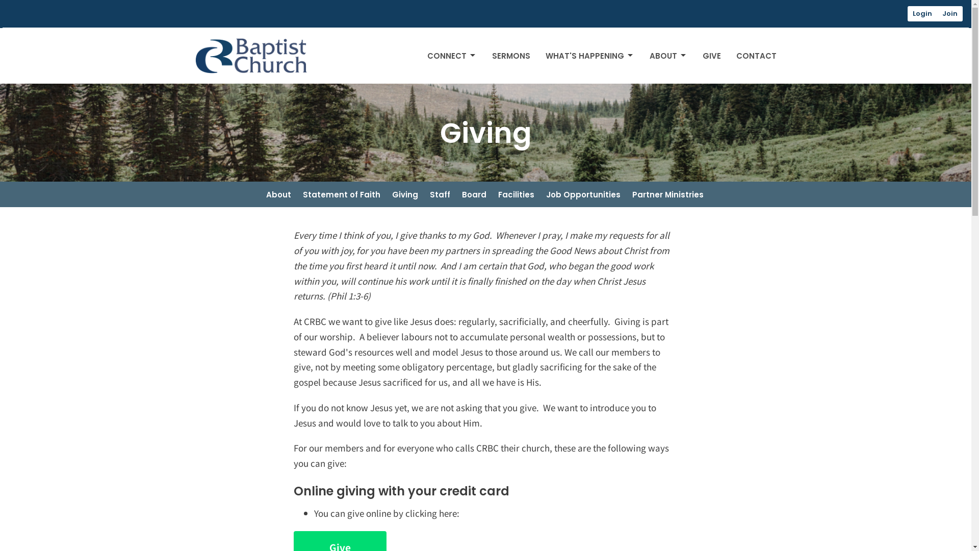 This screenshot has width=979, height=551. I want to click on 'Giving', so click(404, 194).